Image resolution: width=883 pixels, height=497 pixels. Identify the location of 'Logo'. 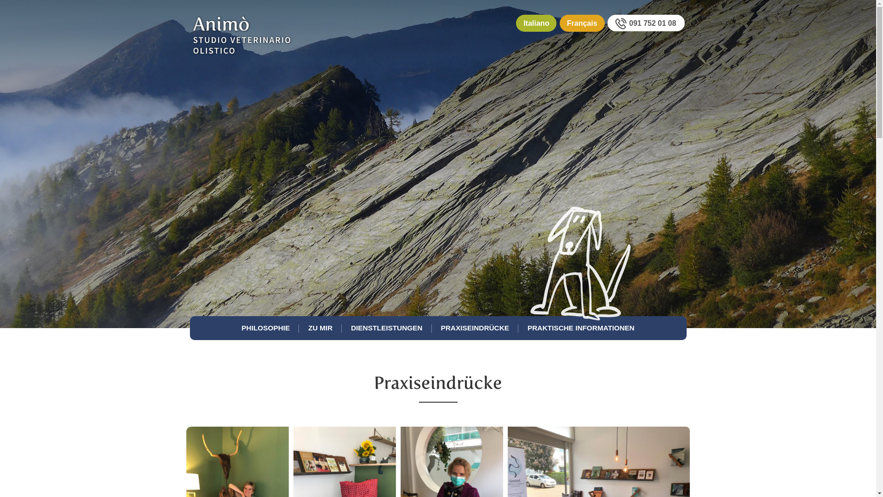
(242, 46).